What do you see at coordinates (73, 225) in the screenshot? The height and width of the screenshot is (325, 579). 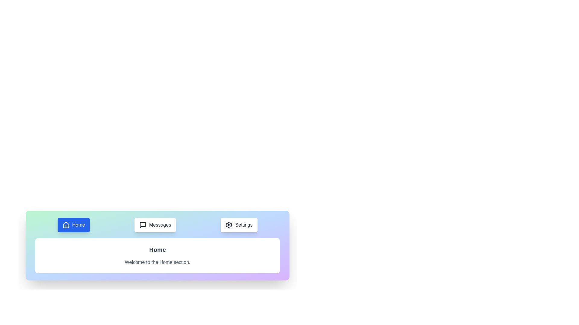 I see `the Home button to observe its hover effect` at bounding box center [73, 225].